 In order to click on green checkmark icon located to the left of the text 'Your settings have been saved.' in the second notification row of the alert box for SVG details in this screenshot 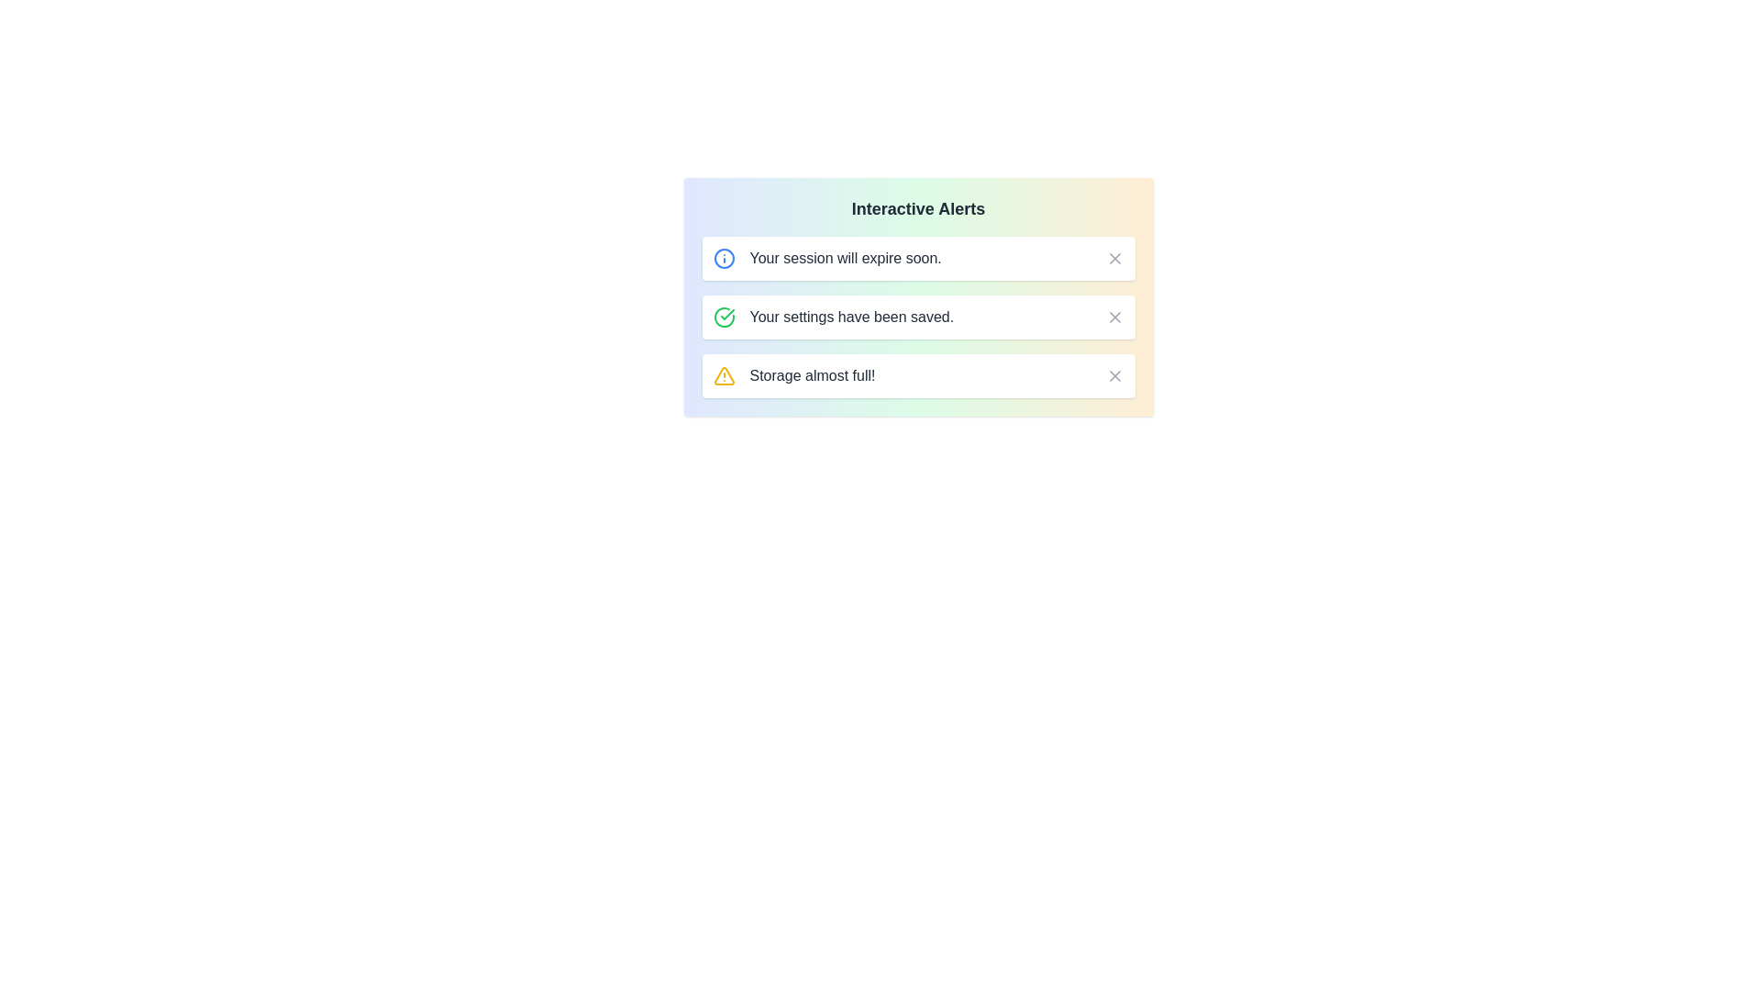, I will do `click(725, 314)`.